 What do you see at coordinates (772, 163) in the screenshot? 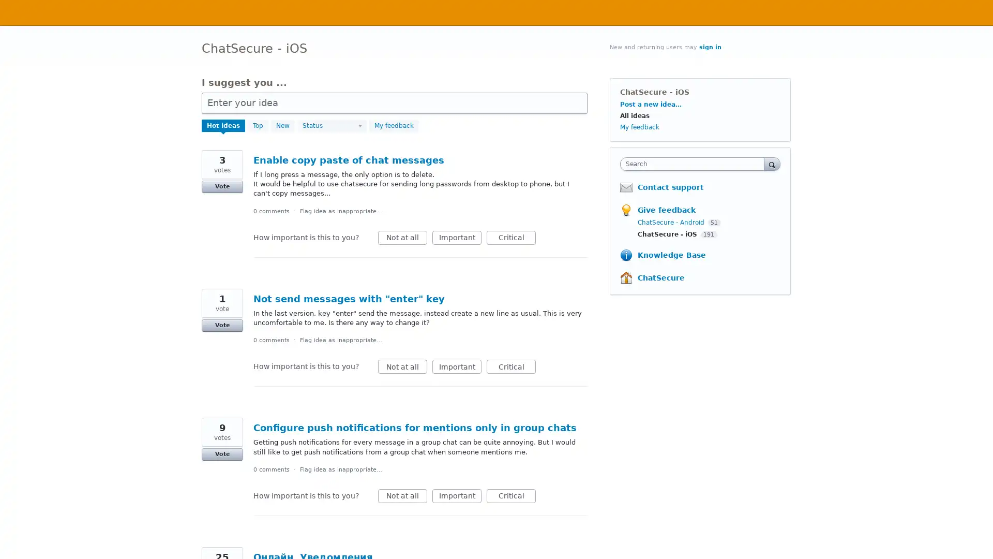
I see `Search` at bounding box center [772, 163].